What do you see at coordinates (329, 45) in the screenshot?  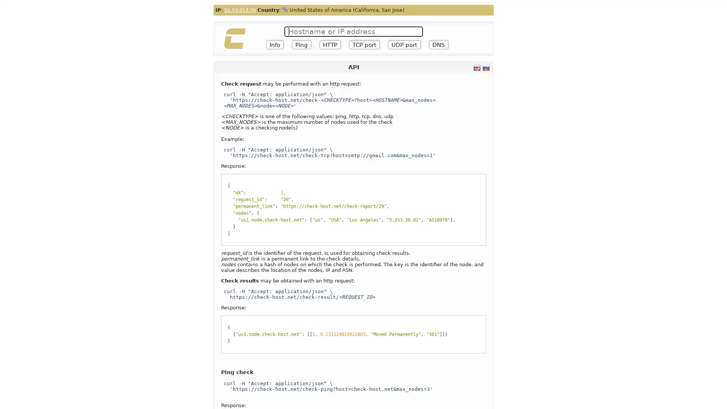 I see `HTTP` at bounding box center [329, 45].